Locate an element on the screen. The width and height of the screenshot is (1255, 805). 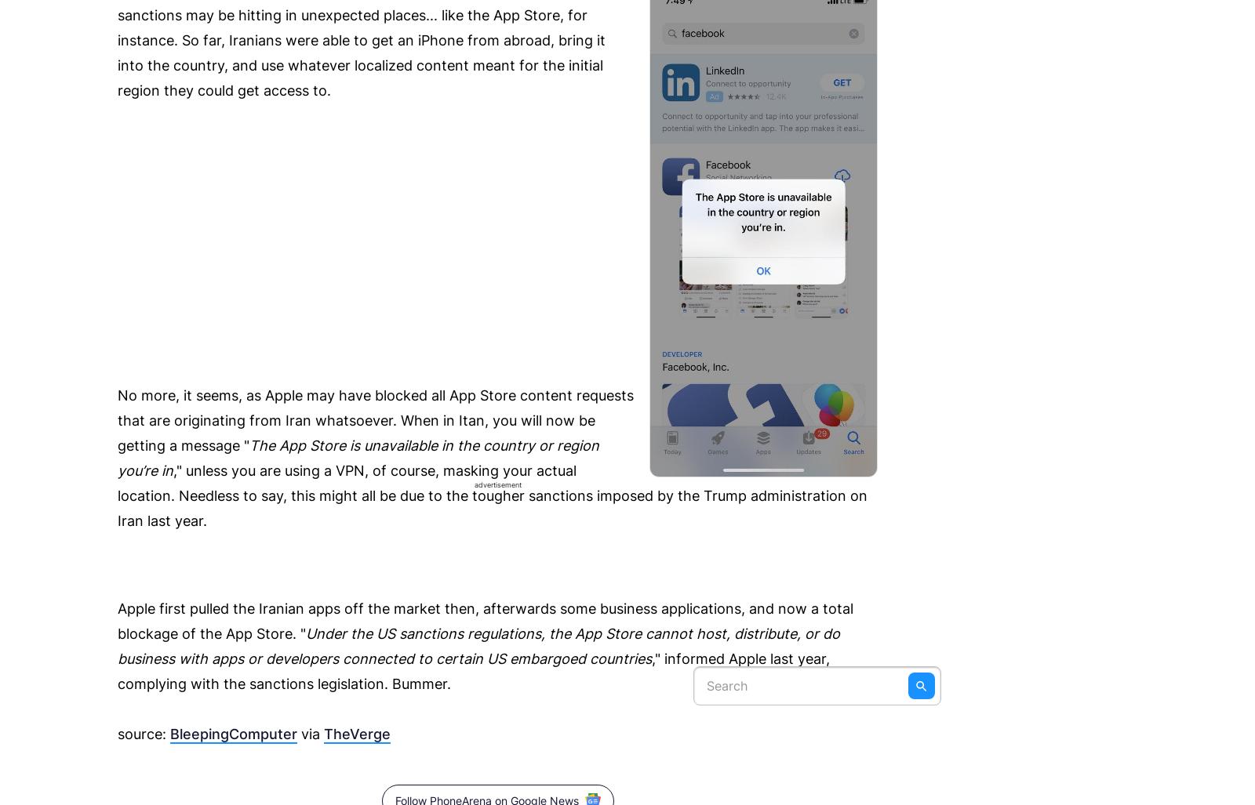
'Ad Consent' is located at coordinates (847, 60).